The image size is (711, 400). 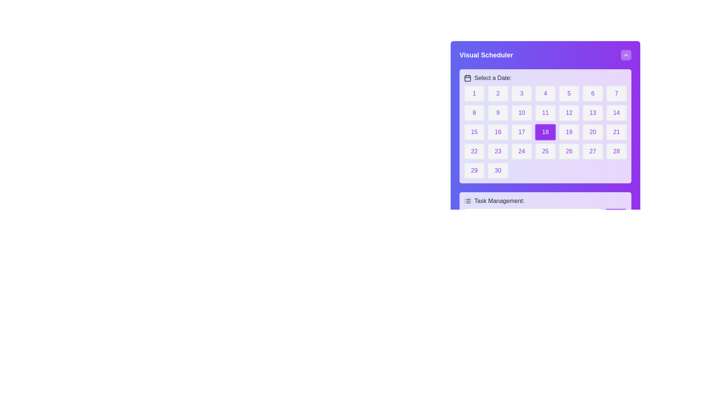 I want to click on the rounded rectangular button with a light gray background and purple number '22' located in the first column of the fourth row in the grid, so click(x=474, y=151).